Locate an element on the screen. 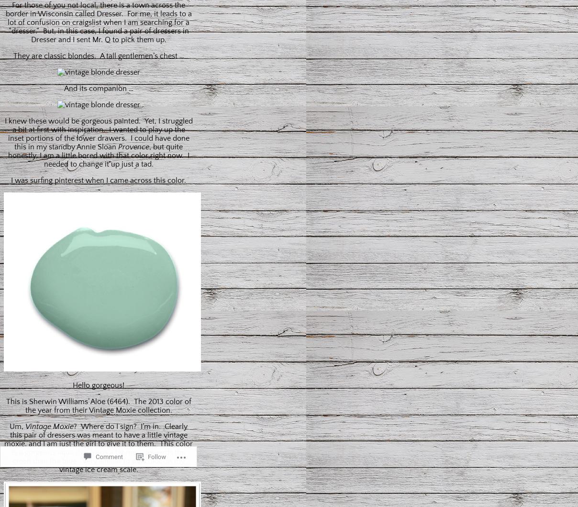 The width and height of the screenshot is (578, 507). 'Hello gorgeous!' is located at coordinates (98, 384).